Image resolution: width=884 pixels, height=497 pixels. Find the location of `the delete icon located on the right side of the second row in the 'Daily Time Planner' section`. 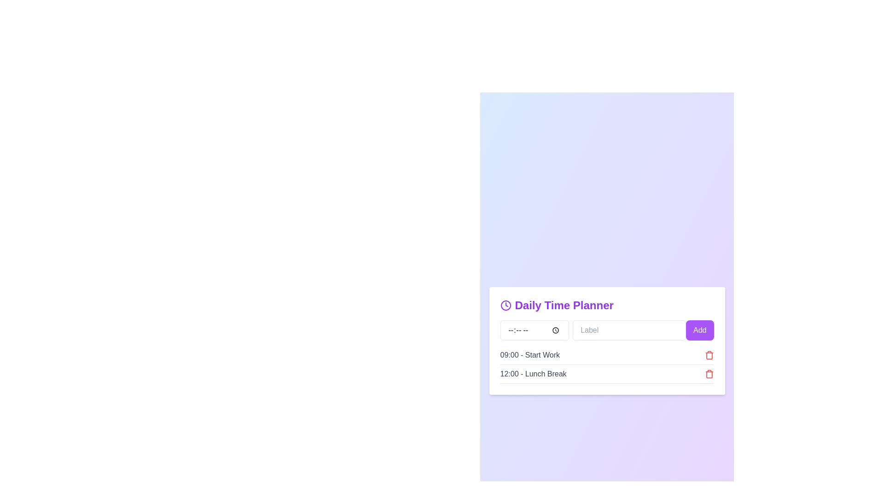

the delete icon located on the right side of the second row in the 'Daily Time Planner' section is located at coordinates (709, 355).